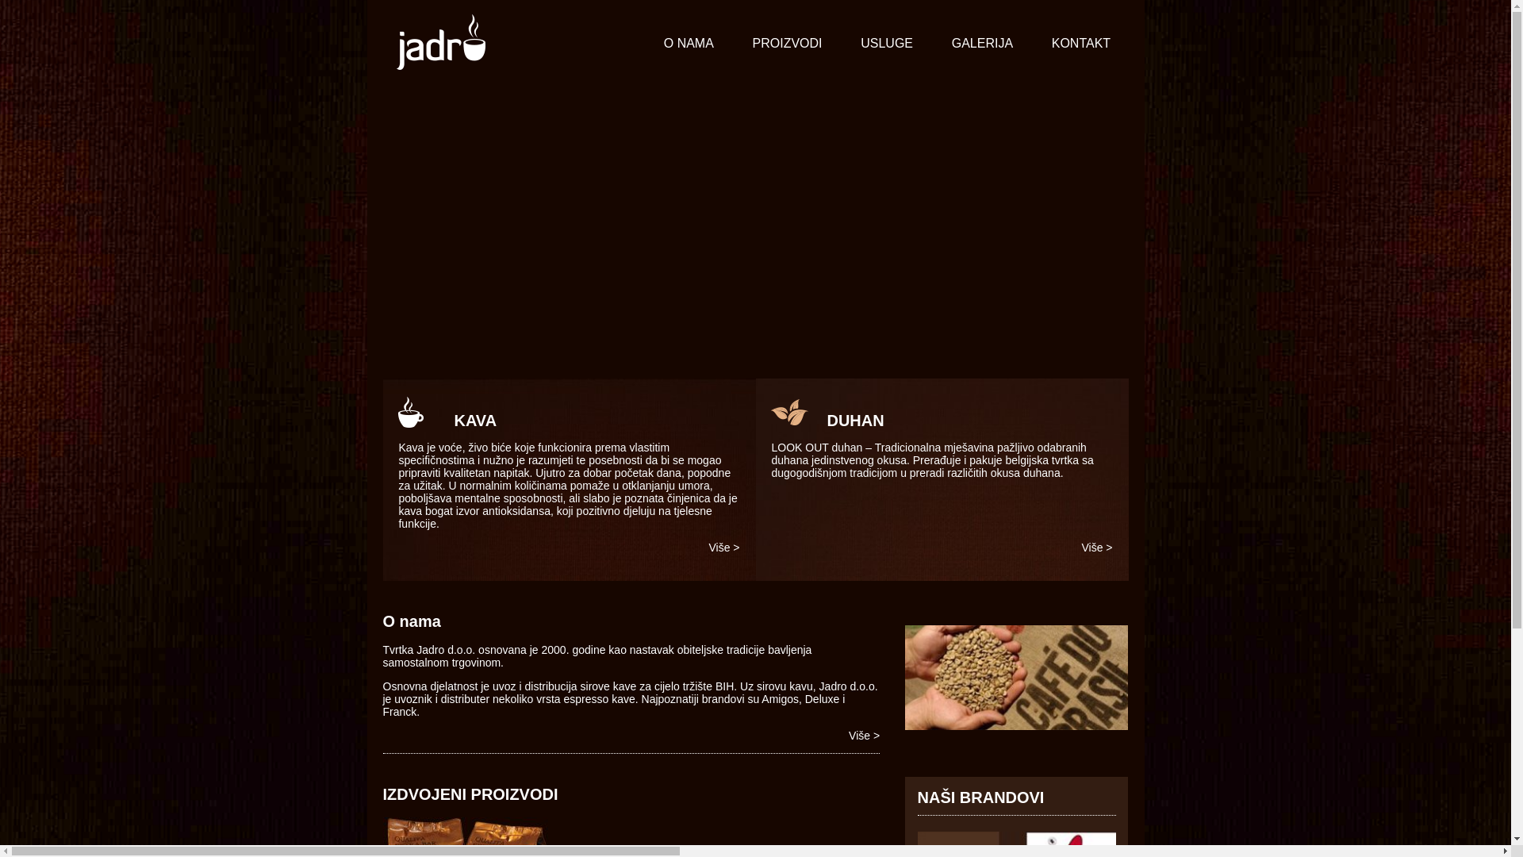  Describe the element at coordinates (886, 43) in the screenshot. I see `'USLUGE'` at that location.